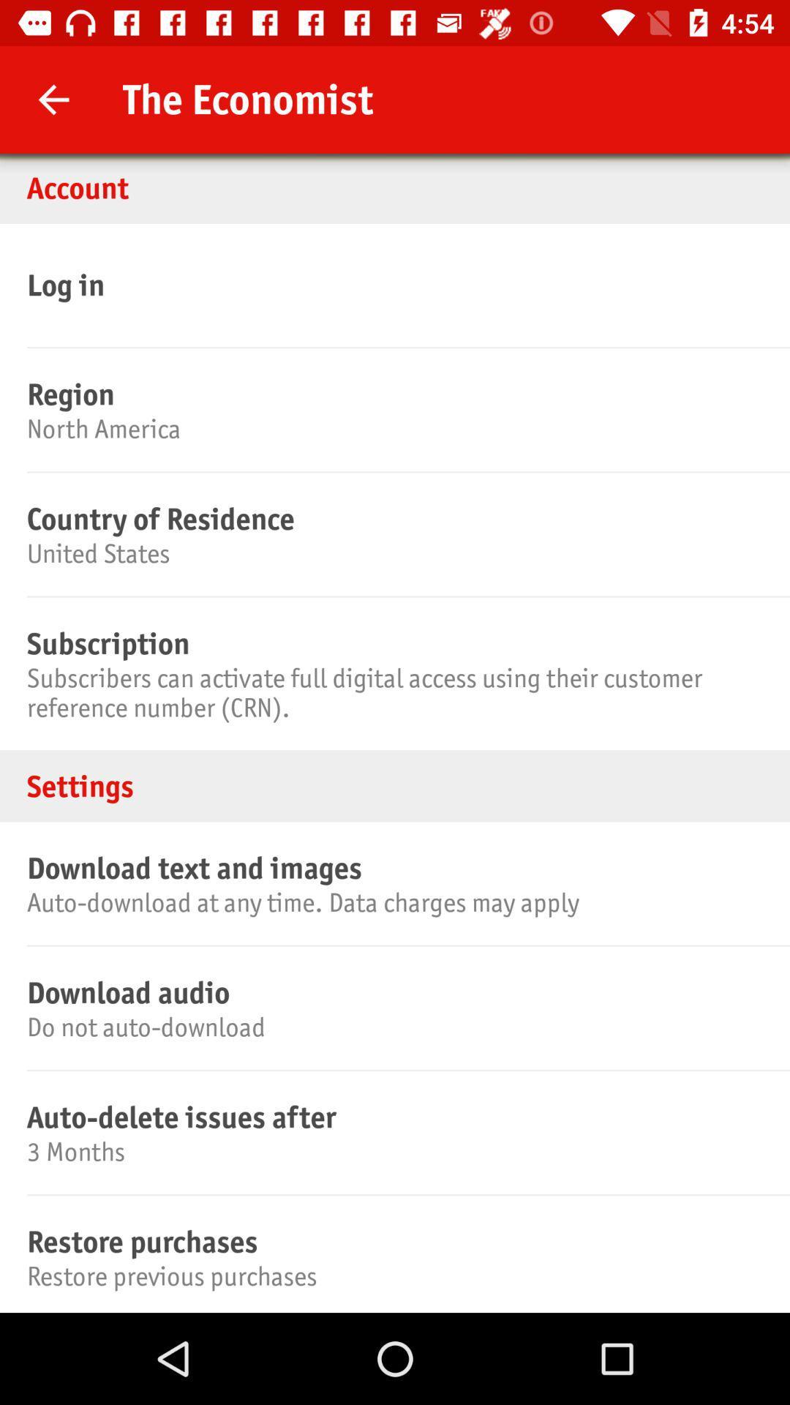 This screenshot has height=1405, width=790. I want to click on the account, so click(395, 187).